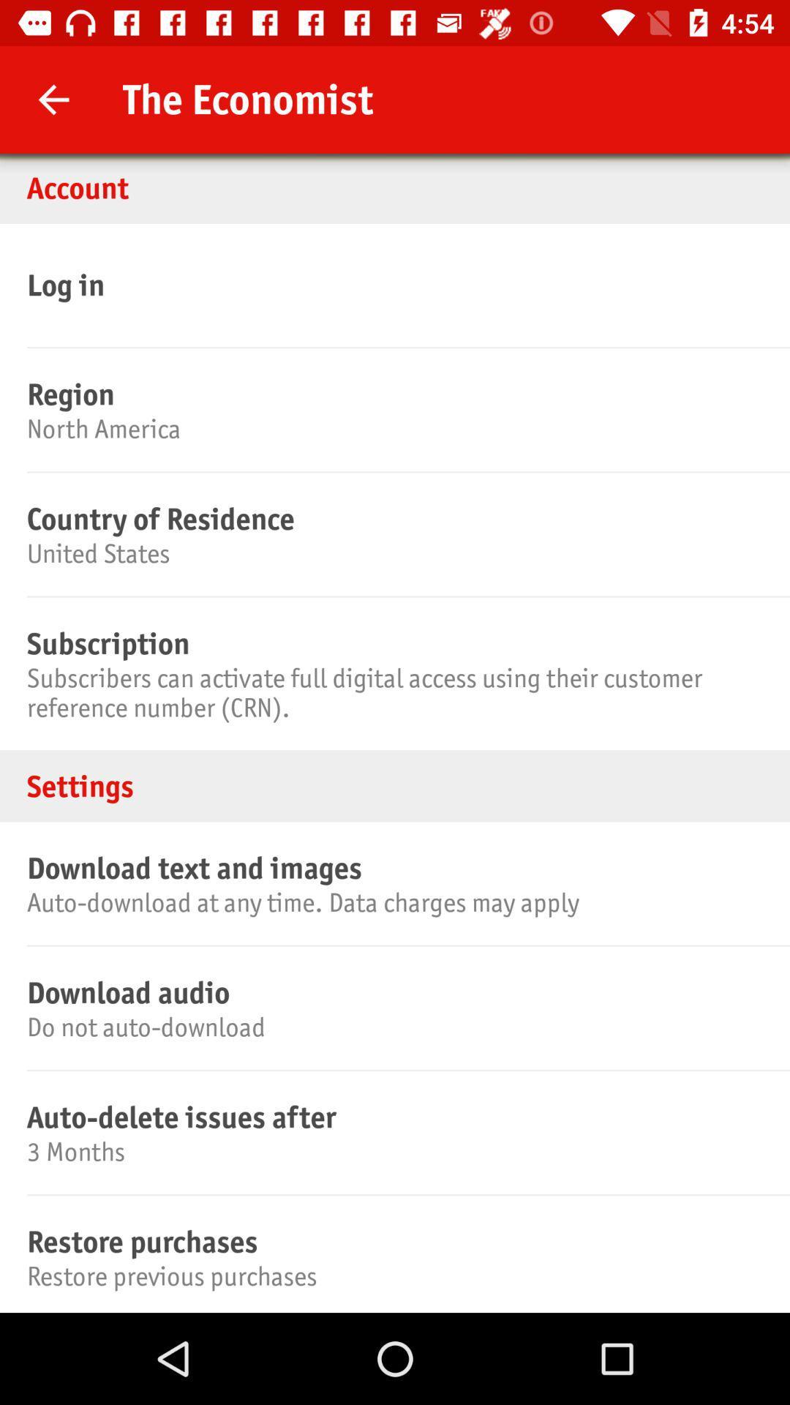 This screenshot has height=1405, width=790. I want to click on the account, so click(395, 187).